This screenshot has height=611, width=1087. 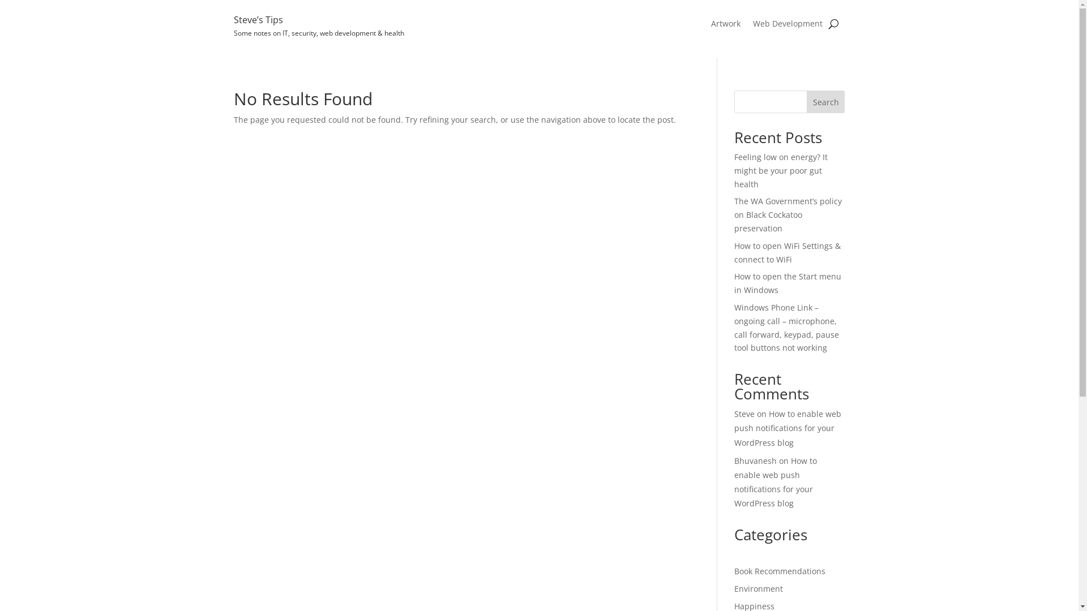 What do you see at coordinates (755, 461) in the screenshot?
I see `'Bhuvanesh'` at bounding box center [755, 461].